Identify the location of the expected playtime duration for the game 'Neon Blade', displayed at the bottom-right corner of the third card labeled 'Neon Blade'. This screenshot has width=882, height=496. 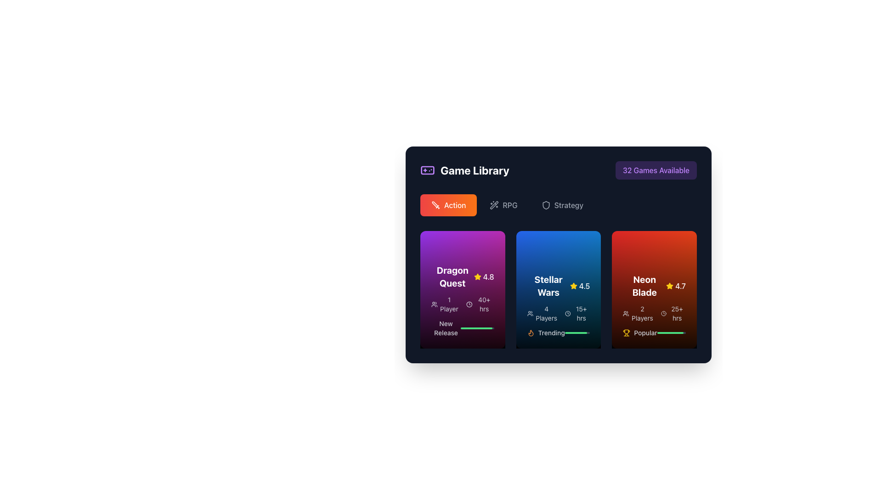
(673, 313).